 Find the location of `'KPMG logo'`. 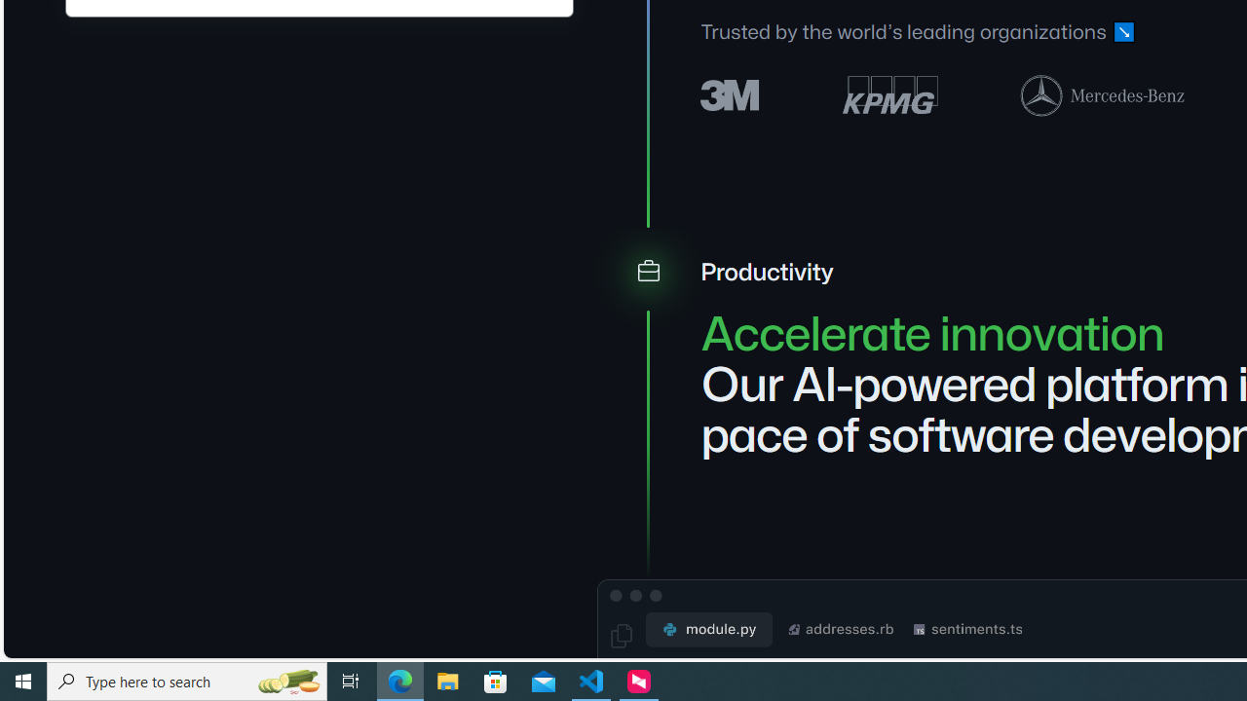

'KPMG logo' is located at coordinates (888, 94).